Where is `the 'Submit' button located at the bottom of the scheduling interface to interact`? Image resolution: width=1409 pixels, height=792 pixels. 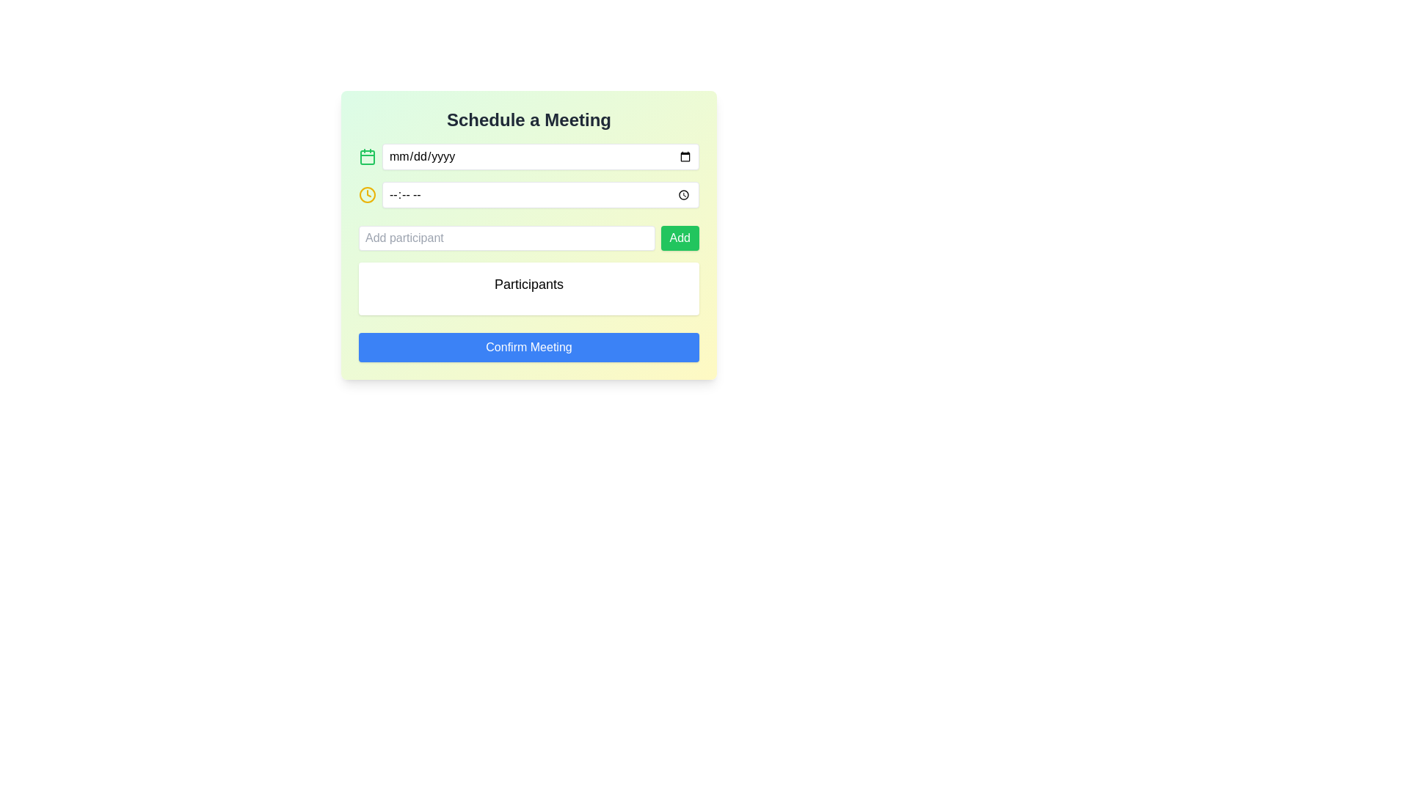
the 'Submit' button located at the bottom of the scheduling interface to interact is located at coordinates (528, 348).